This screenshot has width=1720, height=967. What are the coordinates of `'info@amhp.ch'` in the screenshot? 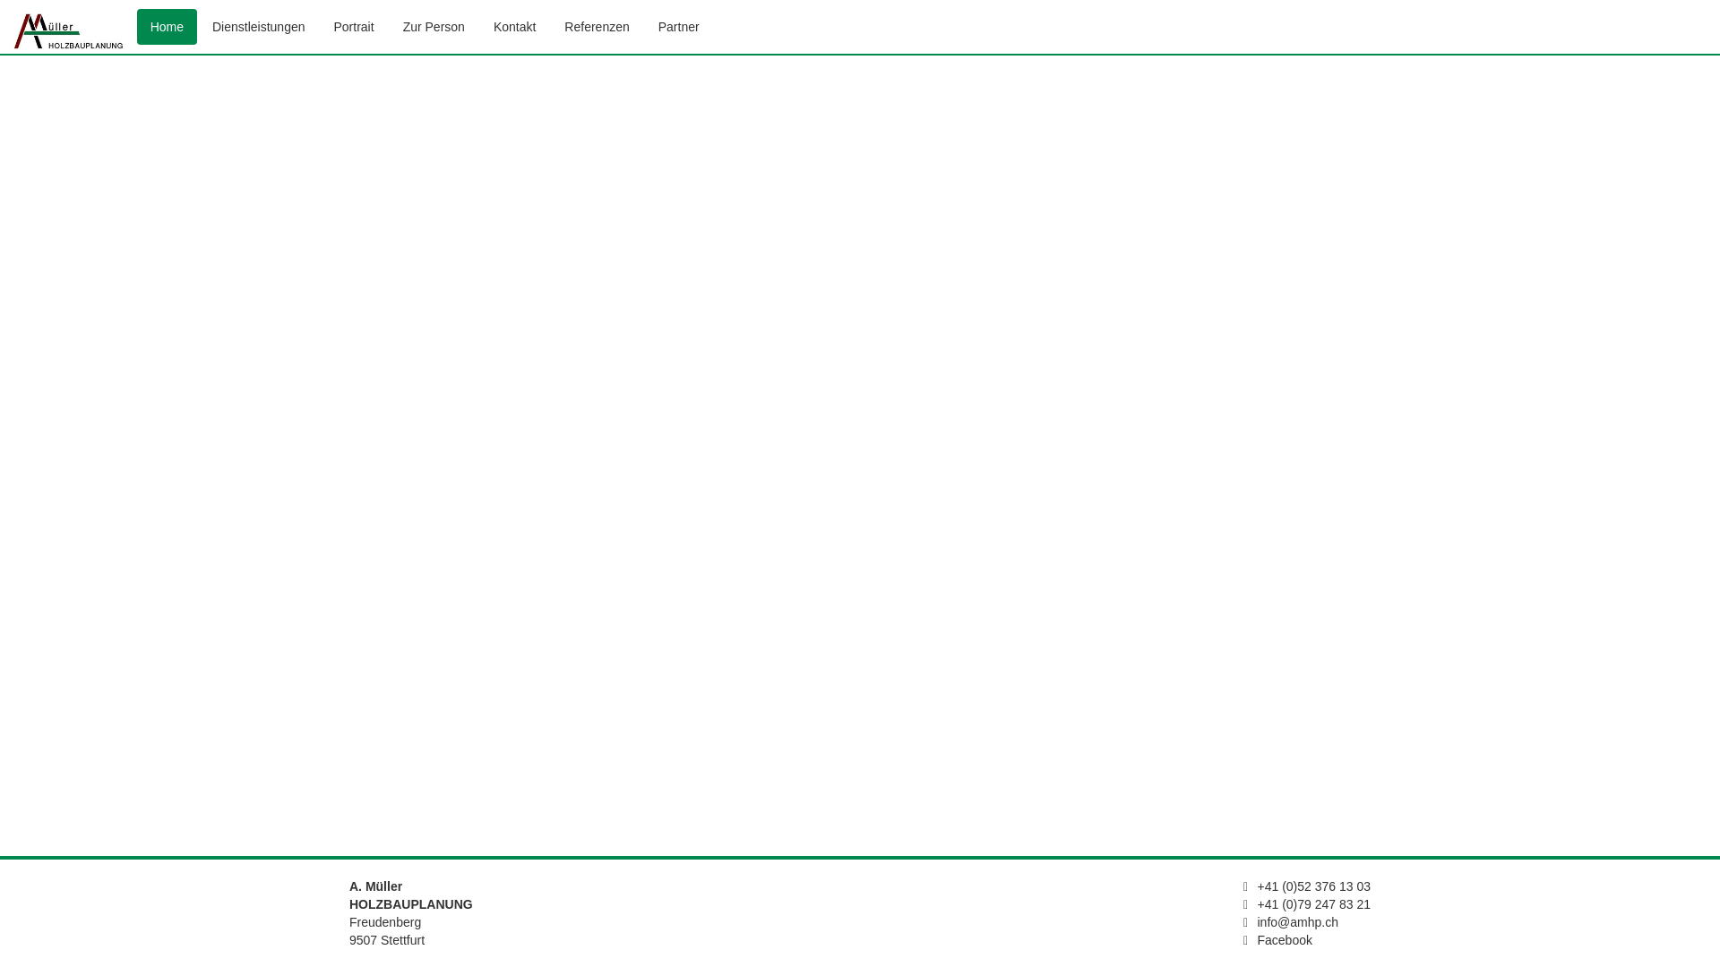 It's located at (1298, 921).